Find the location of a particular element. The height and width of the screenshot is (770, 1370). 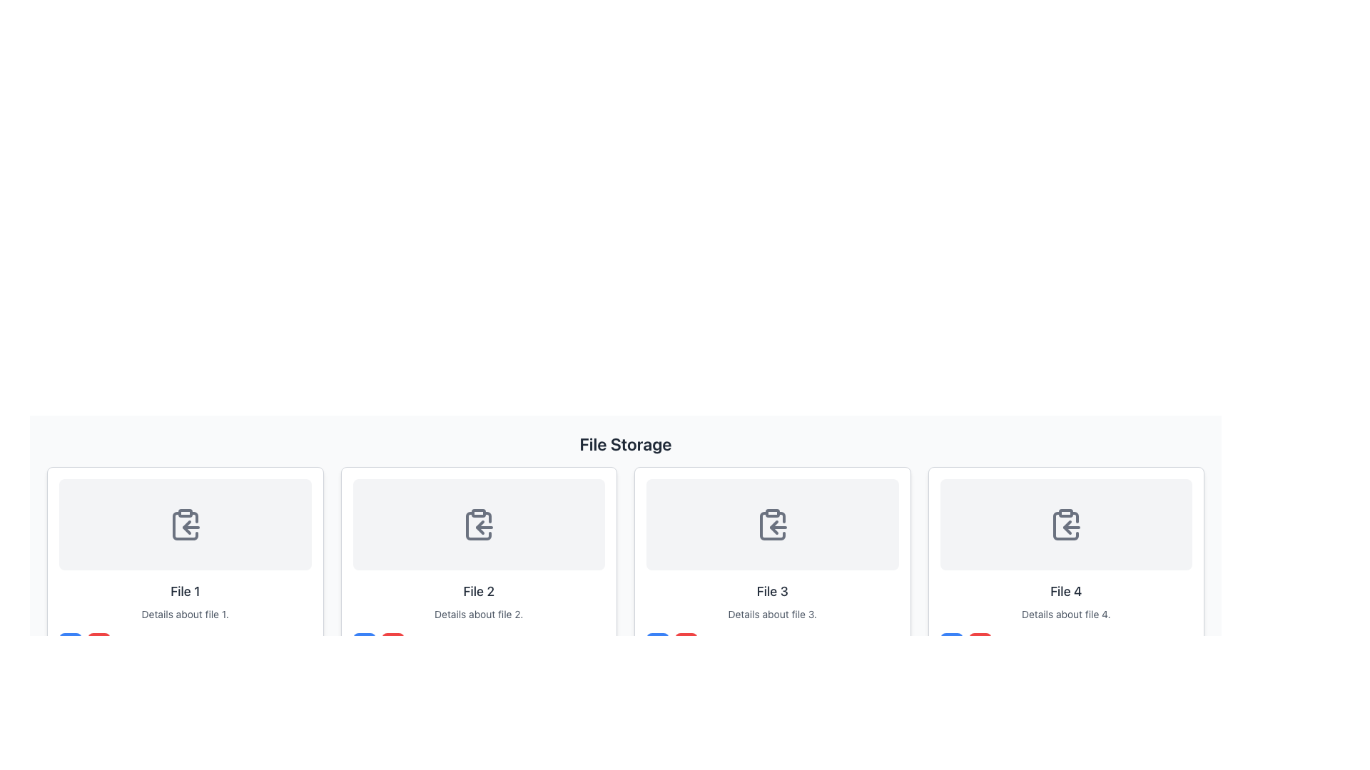

the first icon in the row associated with the file action for 'File 1' is located at coordinates (184, 525).